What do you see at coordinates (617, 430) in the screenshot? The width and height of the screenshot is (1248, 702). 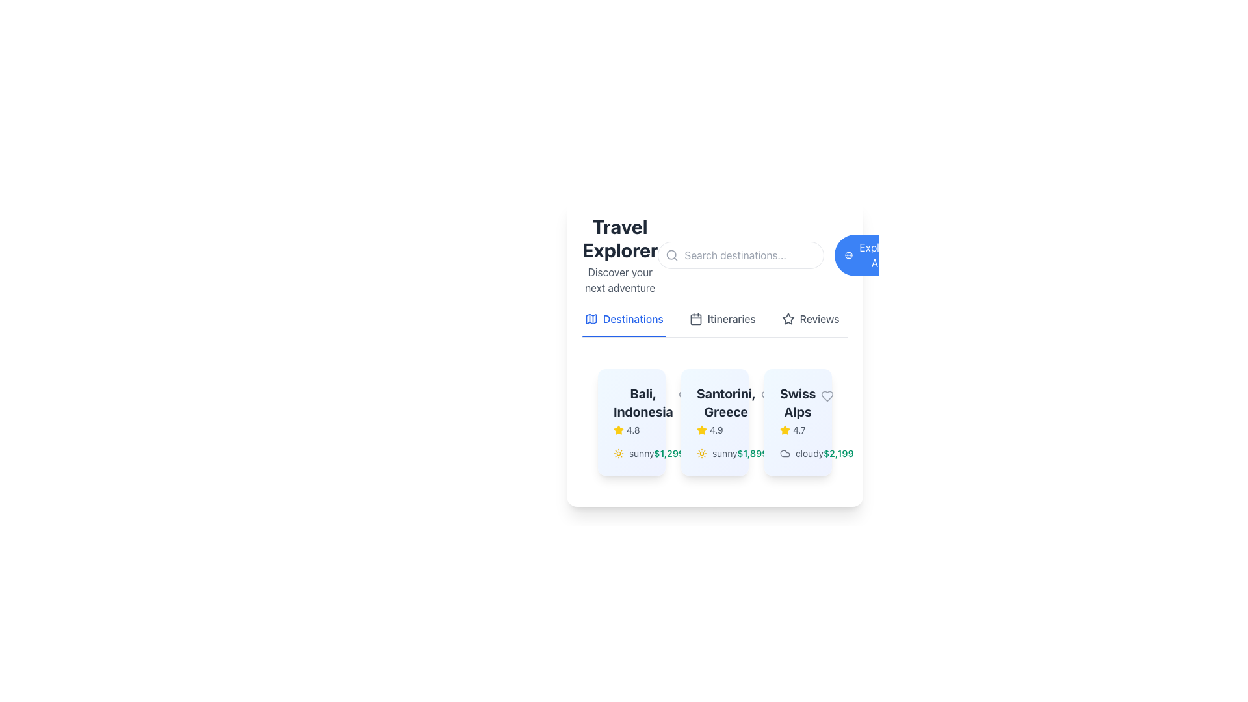 I see `the yellow star icon representing a rating indicator located in the 'Bali, Indonesia' card section` at bounding box center [617, 430].